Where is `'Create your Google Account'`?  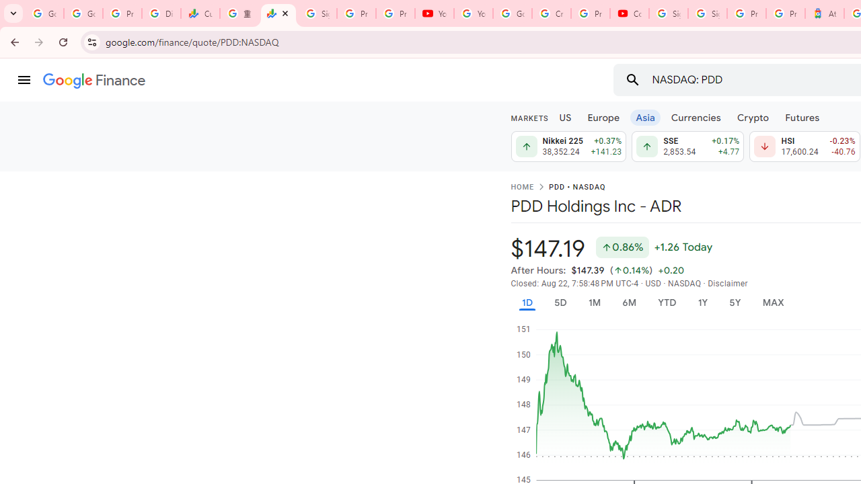 'Create your Google Account' is located at coordinates (551, 13).